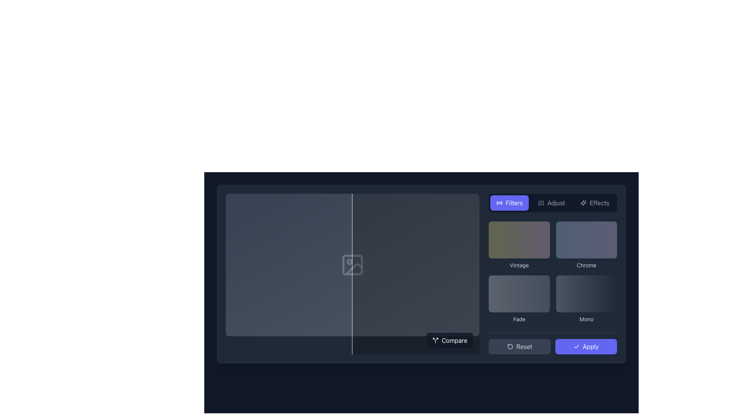 Image resolution: width=740 pixels, height=416 pixels. What do you see at coordinates (519, 294) in the screenshot?
I see `the 'Fade' effect button located in the bottom-right section of the interface` at bounding box center [519, 294].